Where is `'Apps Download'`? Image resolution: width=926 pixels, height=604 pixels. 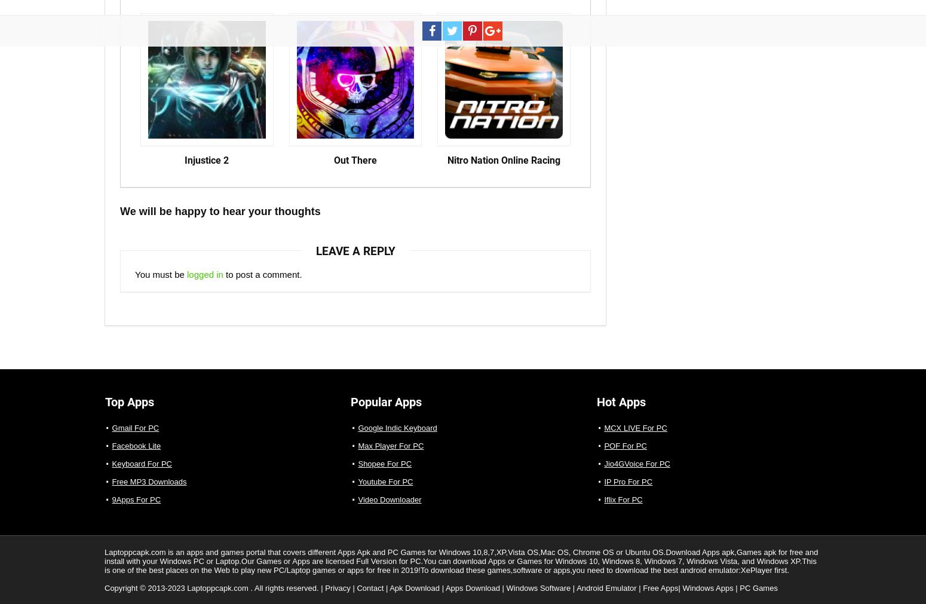 'Apps Download' is located at coordinates (472, 588).